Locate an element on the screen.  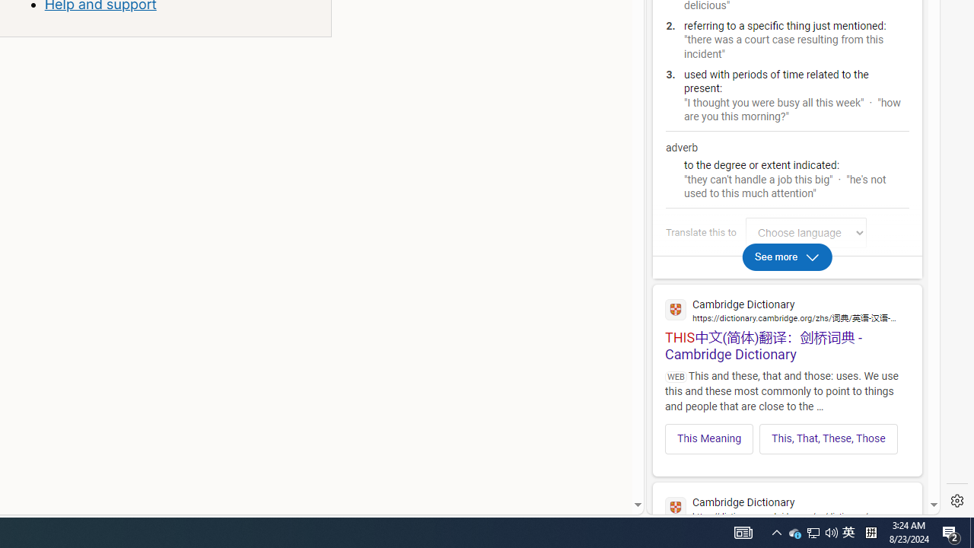
'This Meaning' is located at coordinates (708, 438).